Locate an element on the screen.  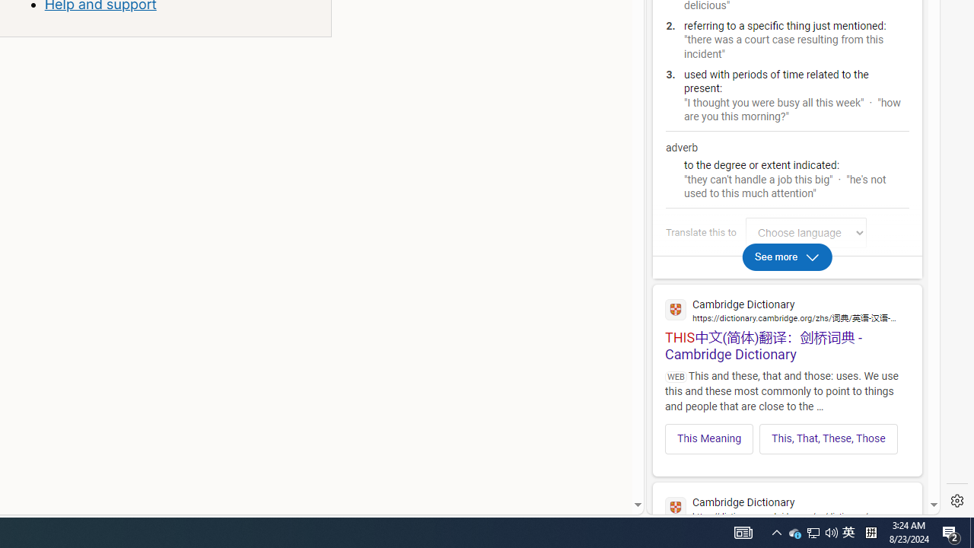
'This Meaning' is located at coordinates (708, 438).